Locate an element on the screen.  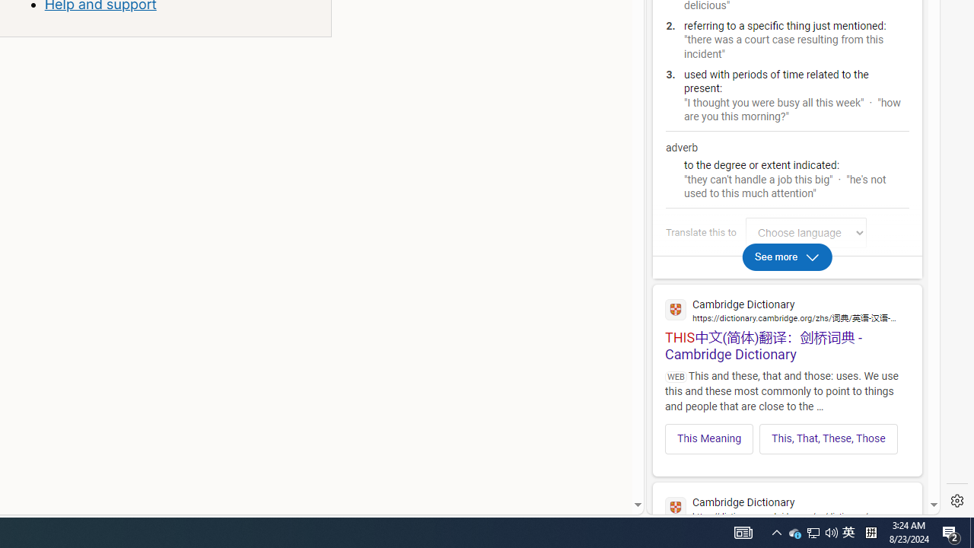
'This Meaning' is located at coordinates (708, 438).